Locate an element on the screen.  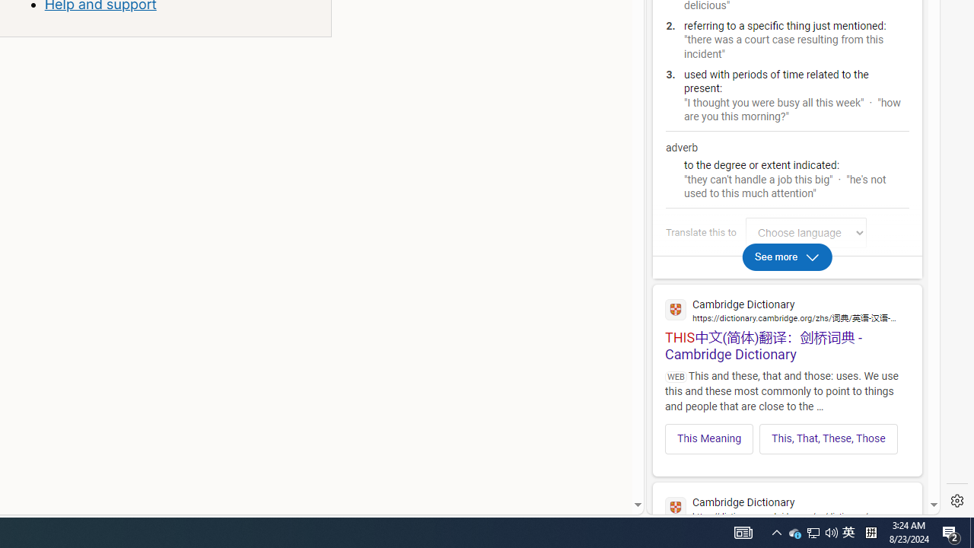
'This Meaning' is located at coordinates (708, 438).